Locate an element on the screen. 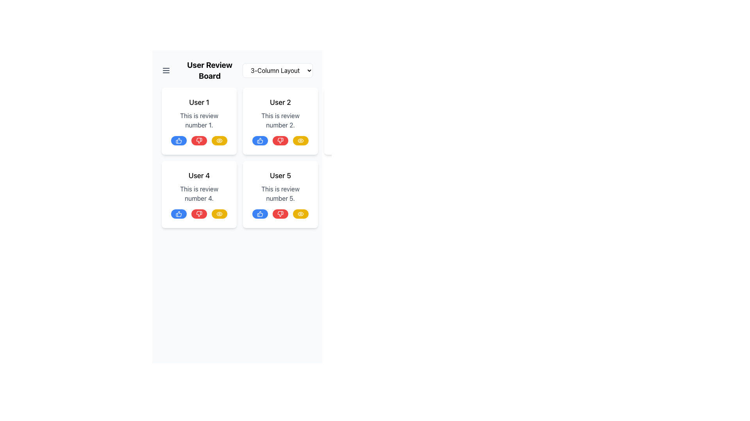 Image resolution: width=750 pixels, height=421 pixels. the thumbs-down icon within the red circular feedback button, which is positioned second among three feedback options for user reviews is located at coordinates (199, 141).